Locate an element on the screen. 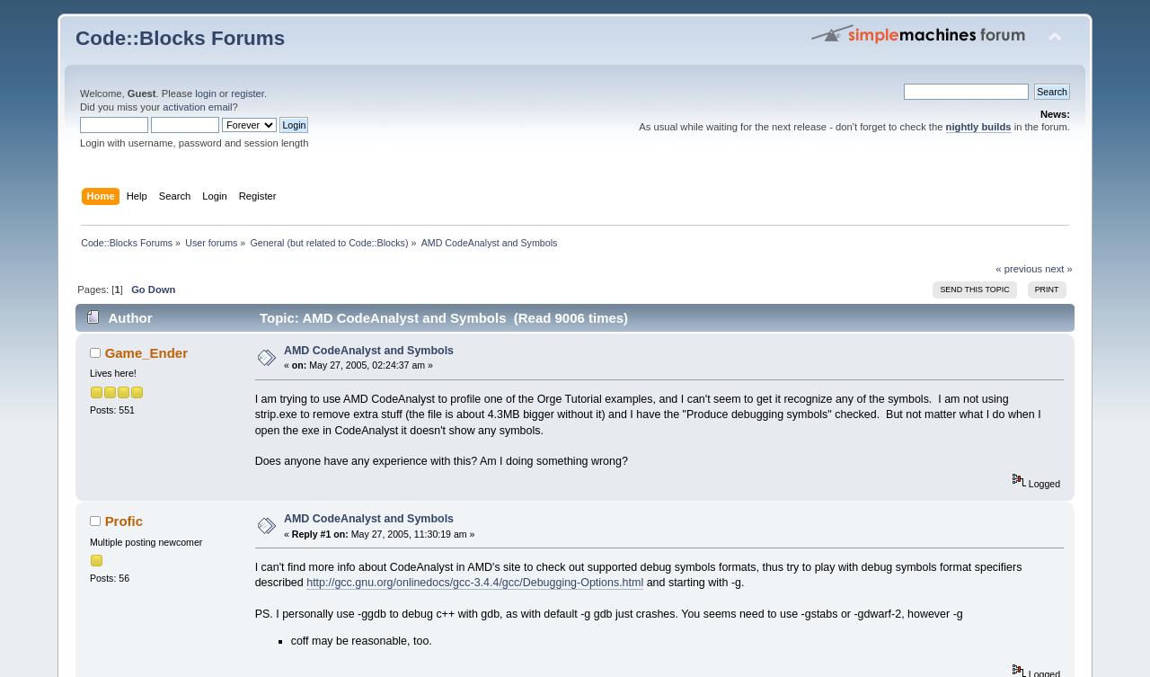 Image resolution: width=1150 pixels, height=677 pixels. 'May 27, 2005, 11:30:19 am »' is located at coordinates (347, 532).